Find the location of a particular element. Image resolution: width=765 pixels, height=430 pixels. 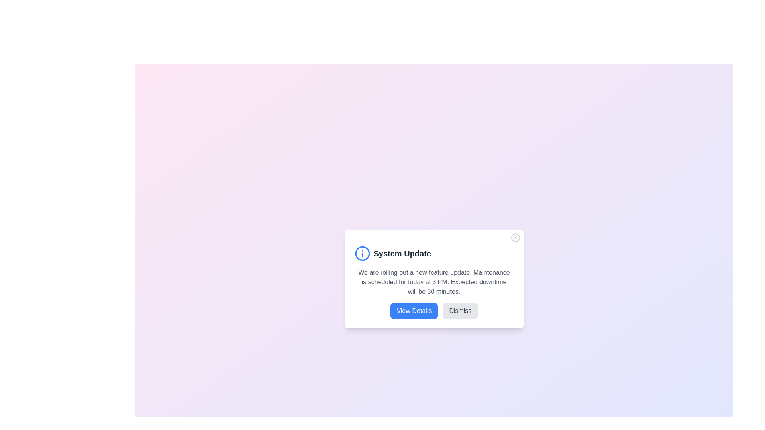

the icon representing 'System Update' is located at coordinates (362, 253).